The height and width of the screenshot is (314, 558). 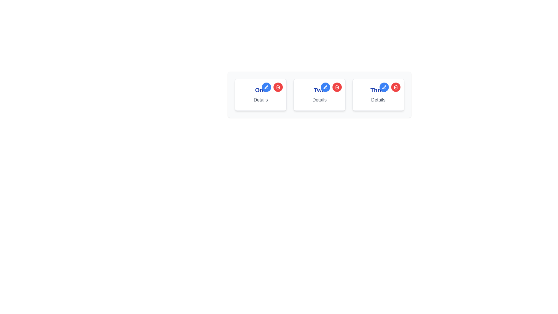 What do you see at coordinates (278, 87) in the screenshot?
I see `the red circular button with a white trash icon located at the top-right of the first card labeled 'One'` at bounding box center [278, 87].